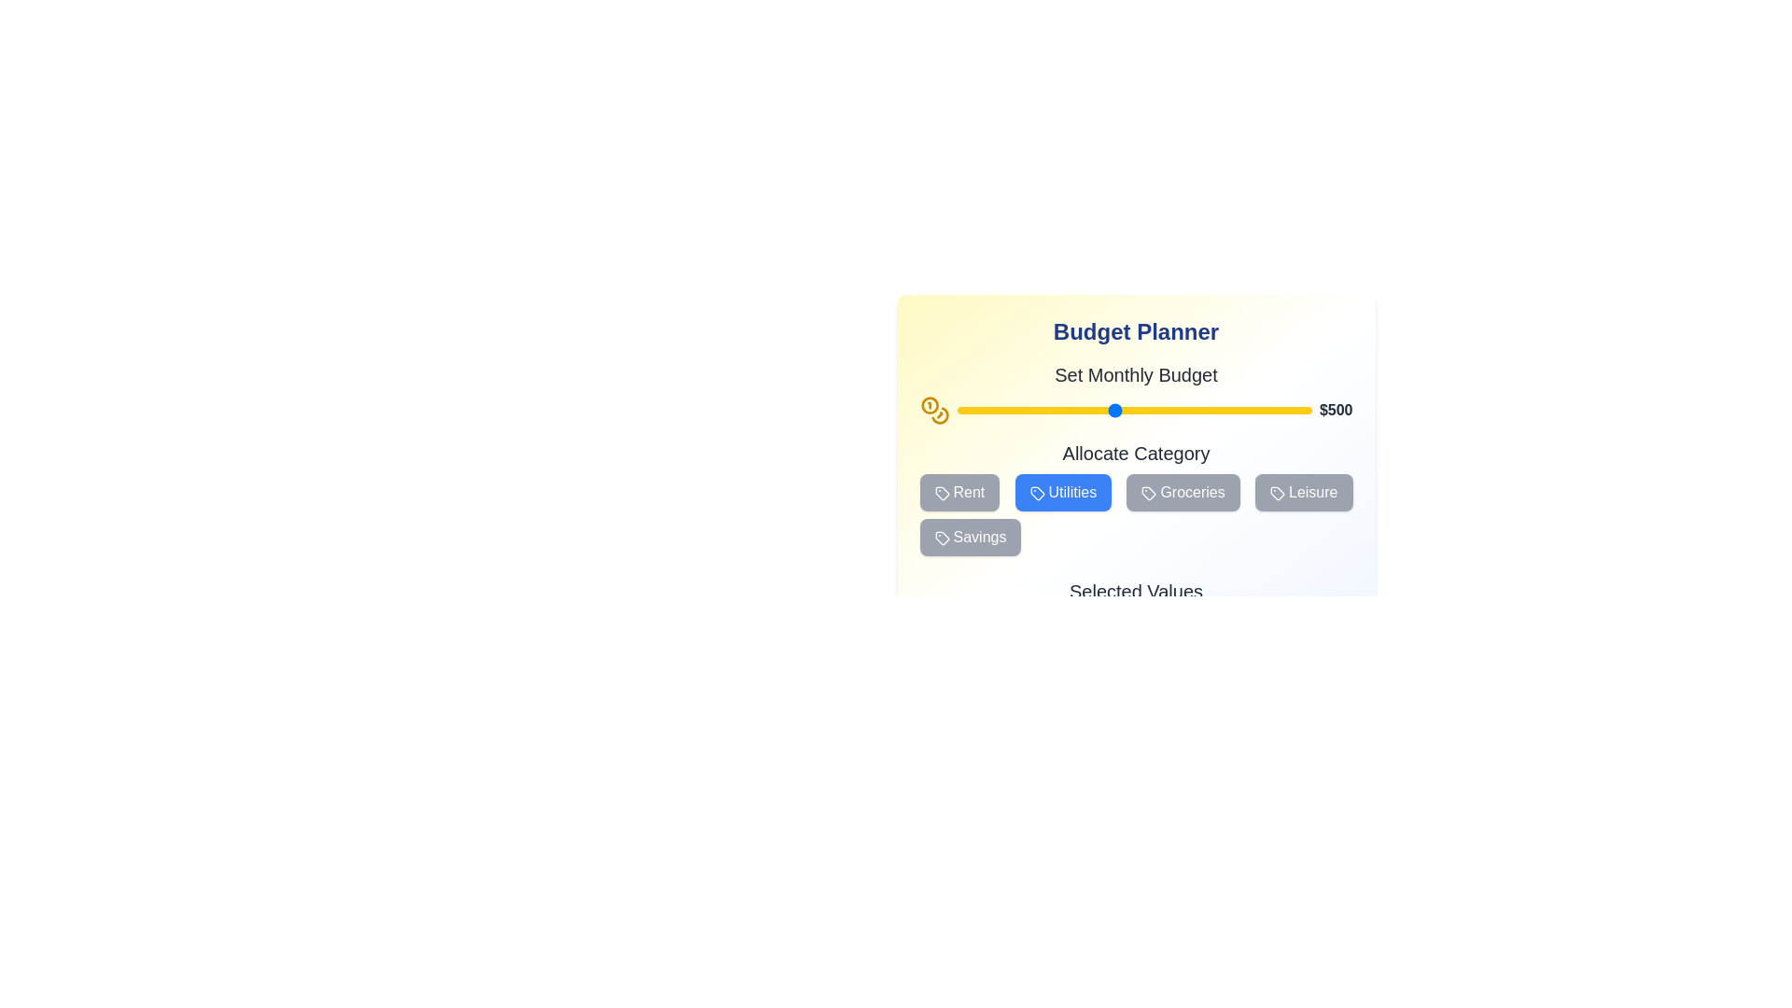 Image resolution: width=1792 pixels, height=1008 pixels. Describe the element at coordinates (1053, 409) in the screenshot. I see `the slider` at that location.